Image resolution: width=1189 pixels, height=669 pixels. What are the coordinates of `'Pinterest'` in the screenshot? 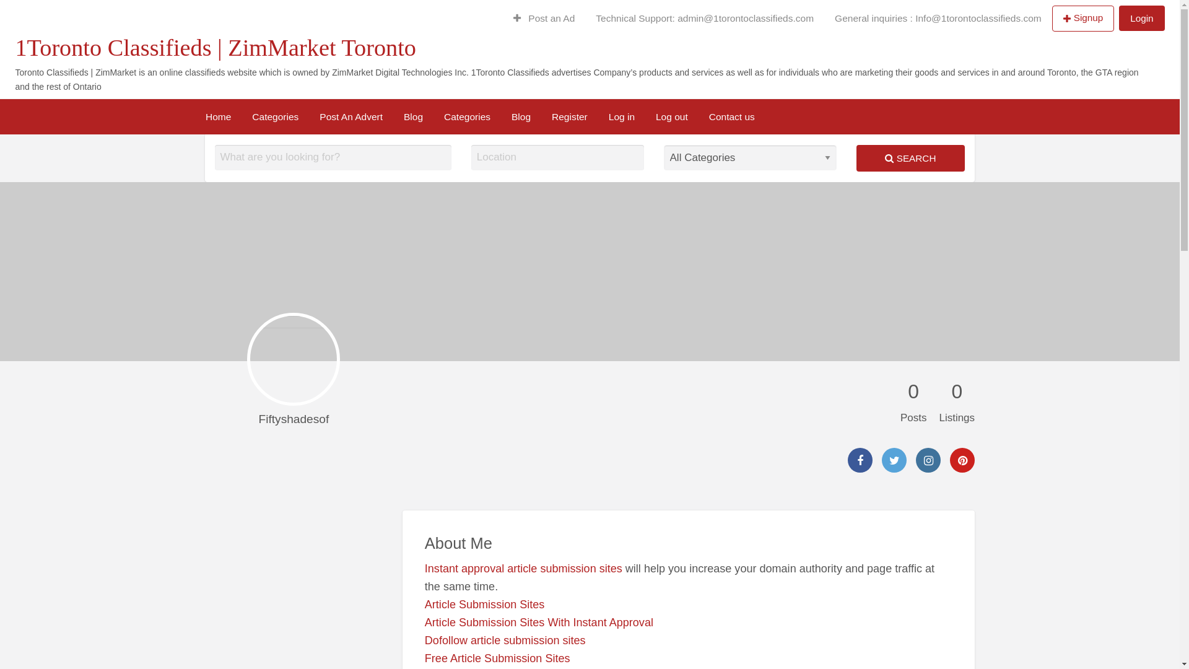 It's located at (962, 460).